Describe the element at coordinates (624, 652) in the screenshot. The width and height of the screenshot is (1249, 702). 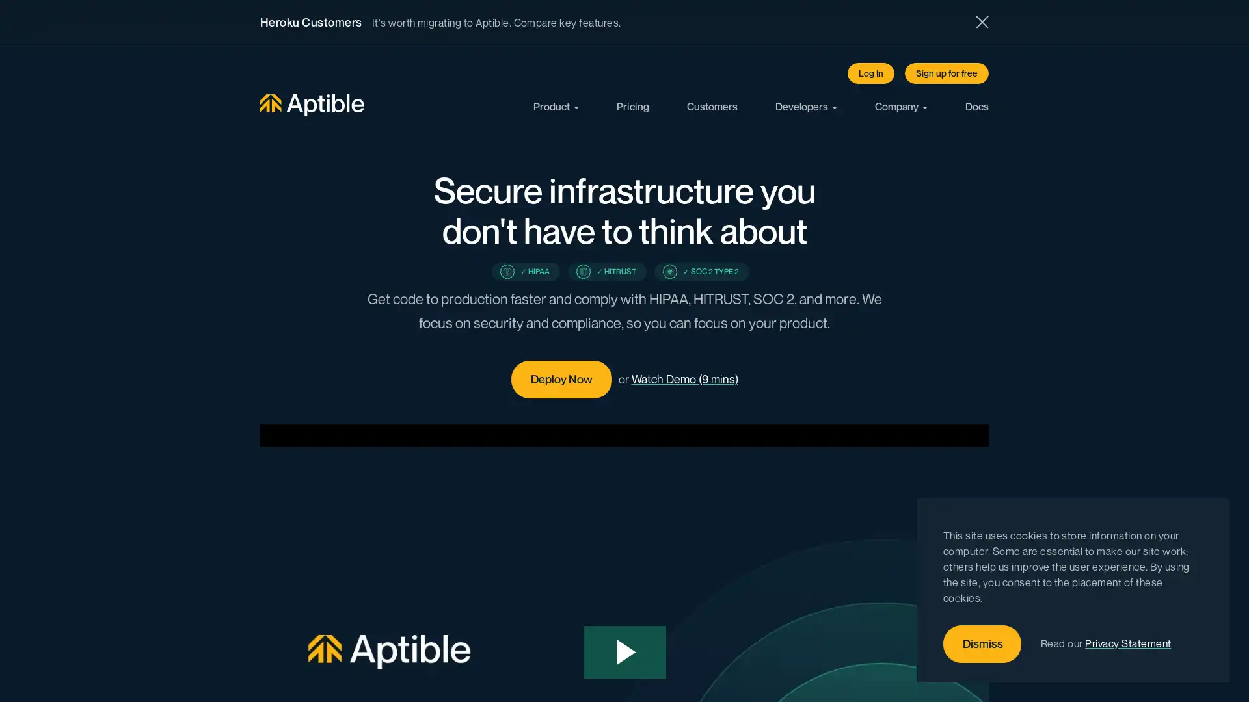
I see `Play` at that location.